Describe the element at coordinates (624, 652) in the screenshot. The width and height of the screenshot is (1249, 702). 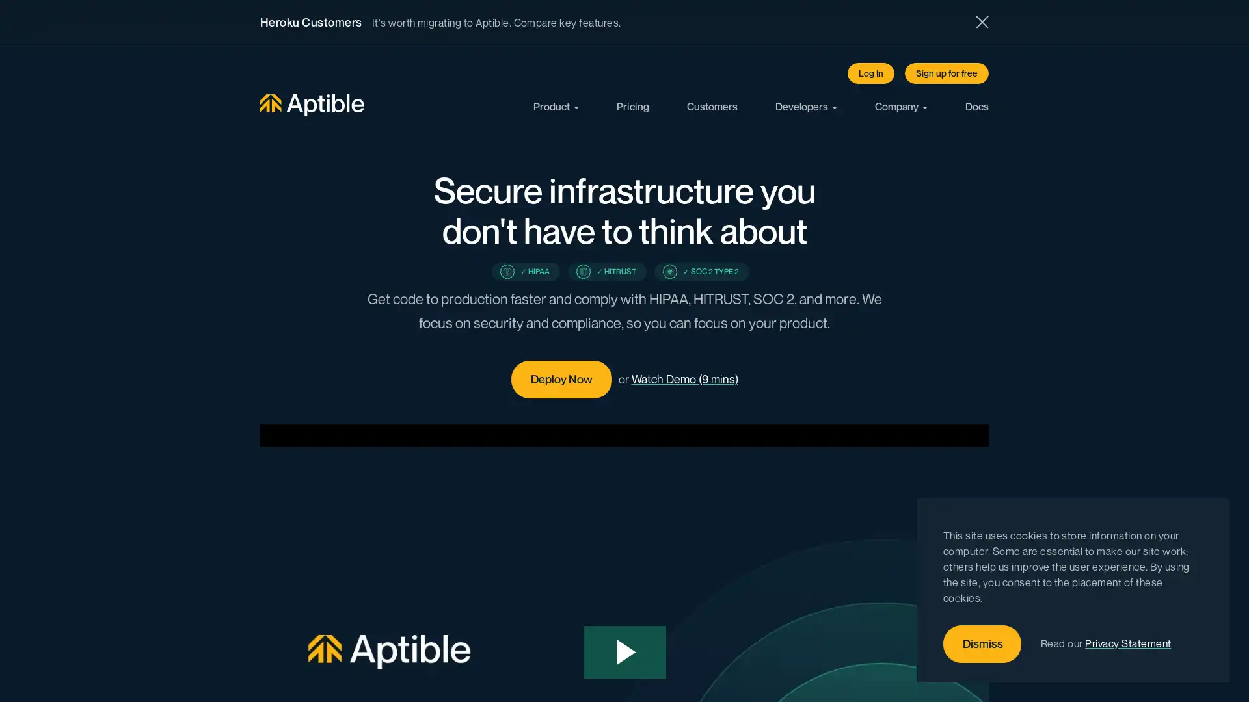
I see `Play` at that location.